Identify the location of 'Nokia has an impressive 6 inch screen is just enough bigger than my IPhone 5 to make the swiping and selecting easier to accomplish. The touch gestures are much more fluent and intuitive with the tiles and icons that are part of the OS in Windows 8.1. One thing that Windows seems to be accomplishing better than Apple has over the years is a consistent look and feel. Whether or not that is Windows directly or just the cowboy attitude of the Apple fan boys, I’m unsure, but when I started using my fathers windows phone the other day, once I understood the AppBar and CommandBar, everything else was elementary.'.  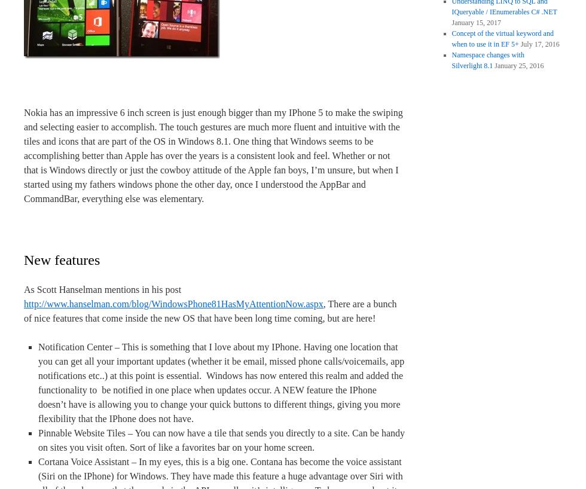
(213, 155).